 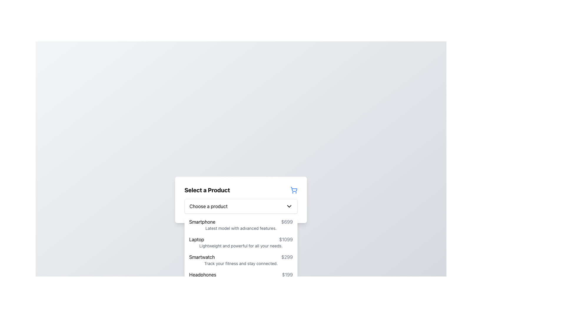 What do you see at coordinates (197, 240) in the screenshot?
I see `the 'Laptop' text label in the dropdown menu under 'Select a Product', which is the second item in the list before the price '$1099'` at bounding box center [197, 240].